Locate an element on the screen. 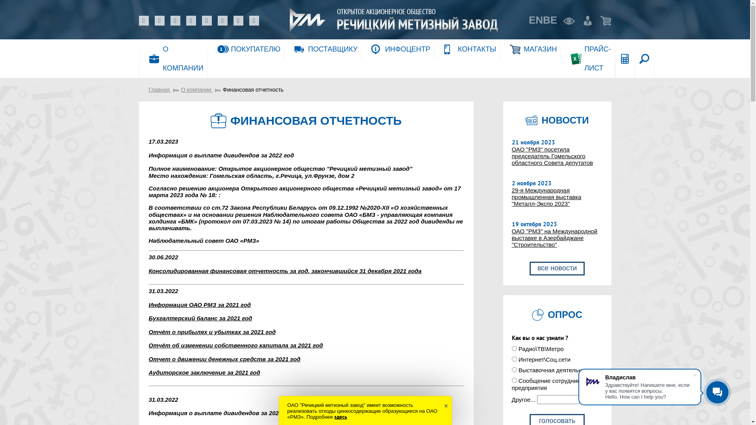  'Facebook' is located at coordinates (159, 20).